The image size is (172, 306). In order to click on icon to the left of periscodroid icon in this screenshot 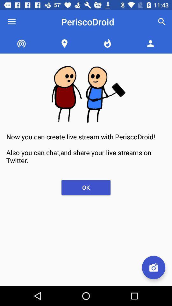, I will do `click(11, 22)`.